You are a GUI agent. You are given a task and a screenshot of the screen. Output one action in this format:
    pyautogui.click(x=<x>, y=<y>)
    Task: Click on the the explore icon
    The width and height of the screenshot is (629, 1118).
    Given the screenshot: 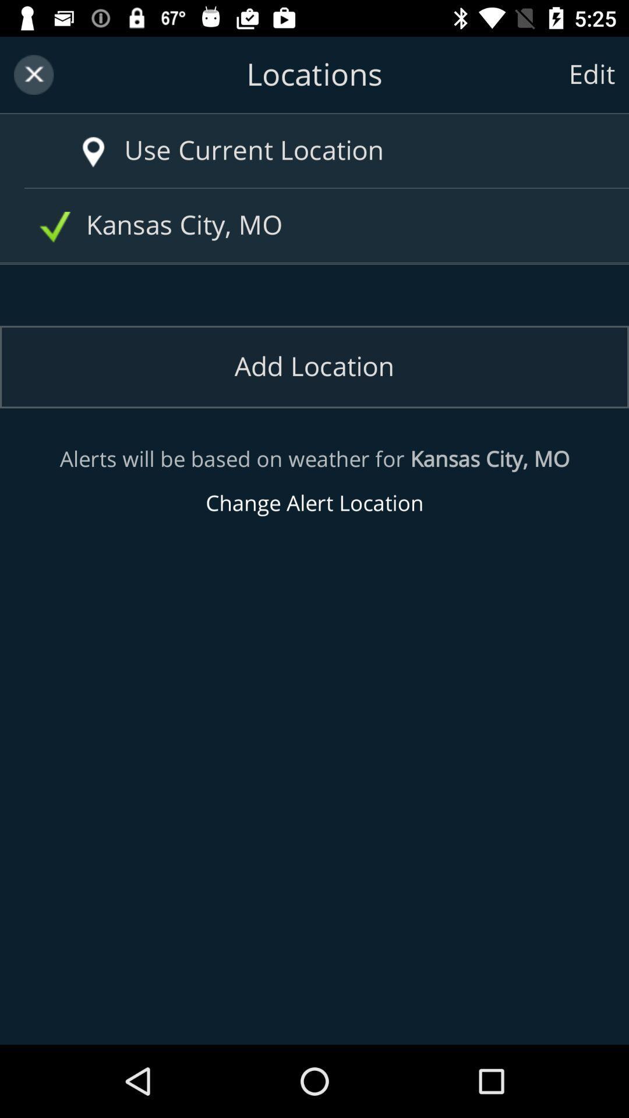 What is the action you would take?
    pyautogui.click(x=76, y=140)
    